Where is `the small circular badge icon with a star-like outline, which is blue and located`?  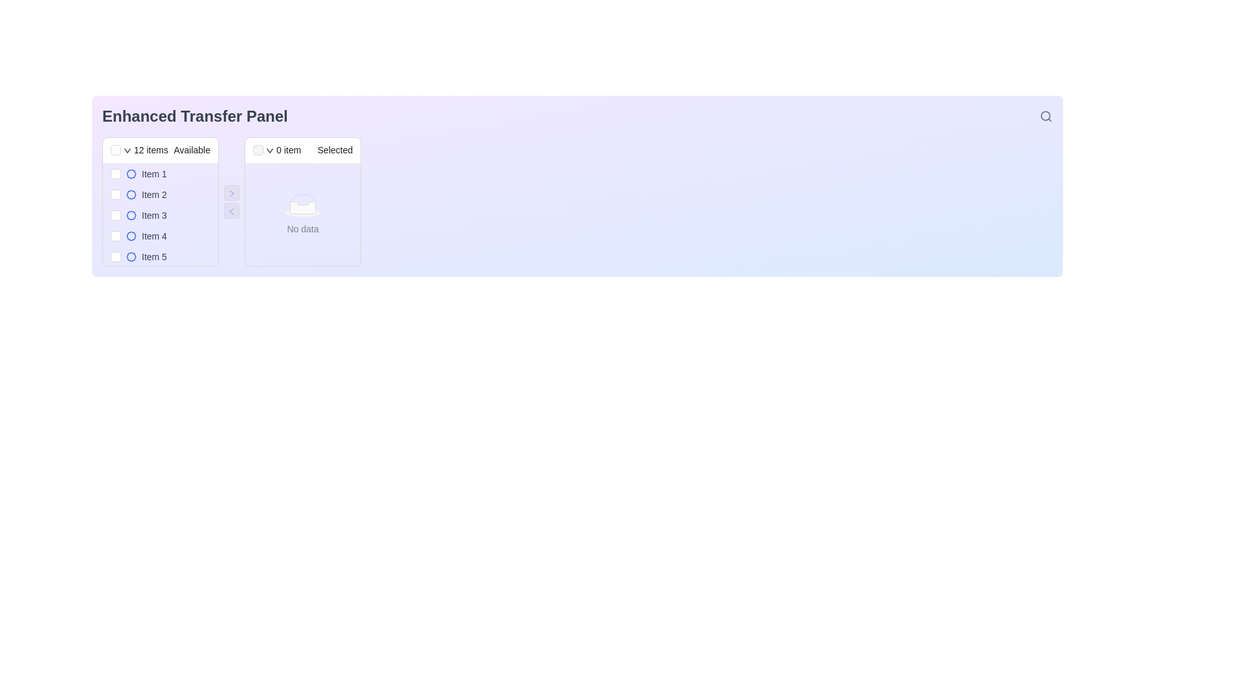
the small circular badge icon with a star-like outline, which is blue and located is located at coordinates (131, 194).